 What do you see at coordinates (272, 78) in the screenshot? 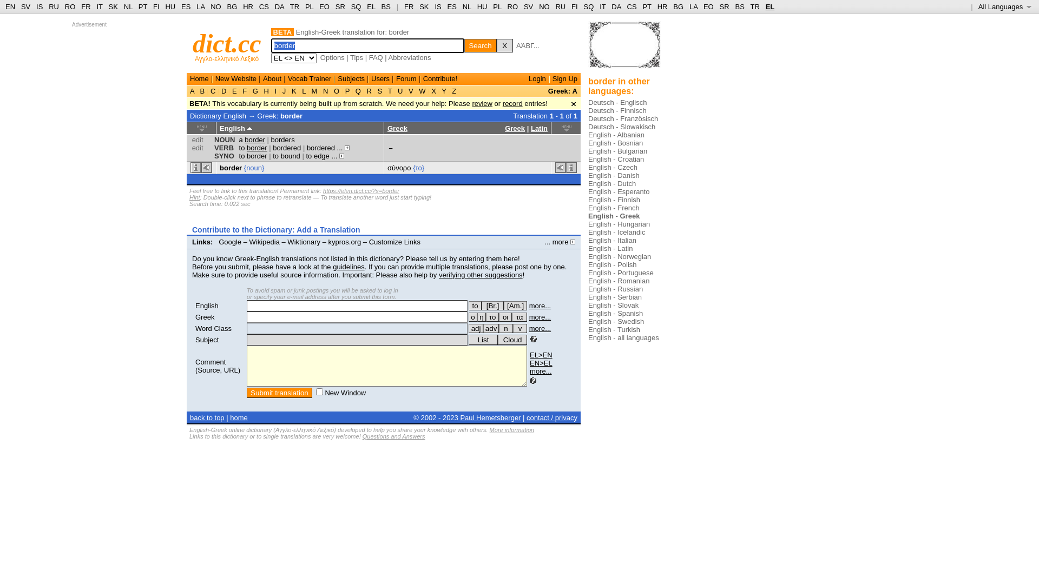
I see `'About'` at bounding box center [272, 78].